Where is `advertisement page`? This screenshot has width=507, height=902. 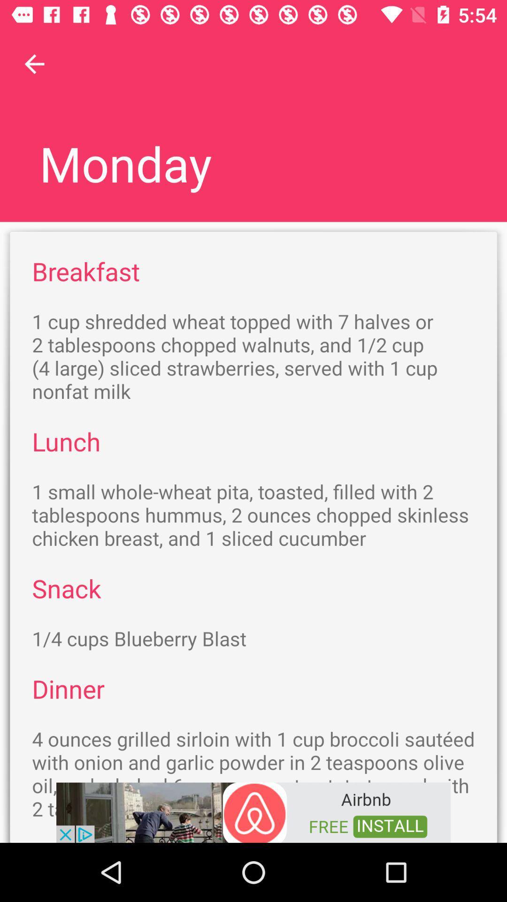
advertisement page is located at coordinates (253, 811).